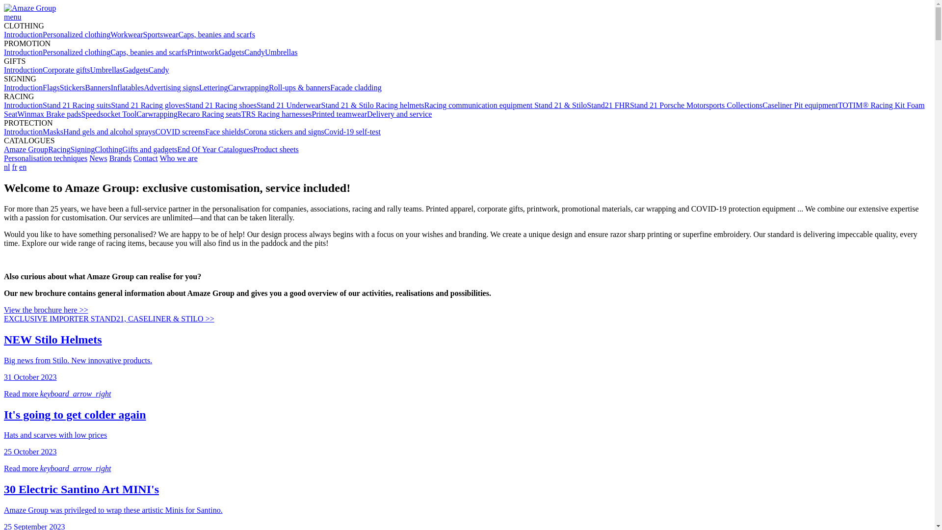  What do you see at coordinates (800, 105) in the screenshot?
I see `'Caseliner Pit equipment'` at bounding box center [800, 105].